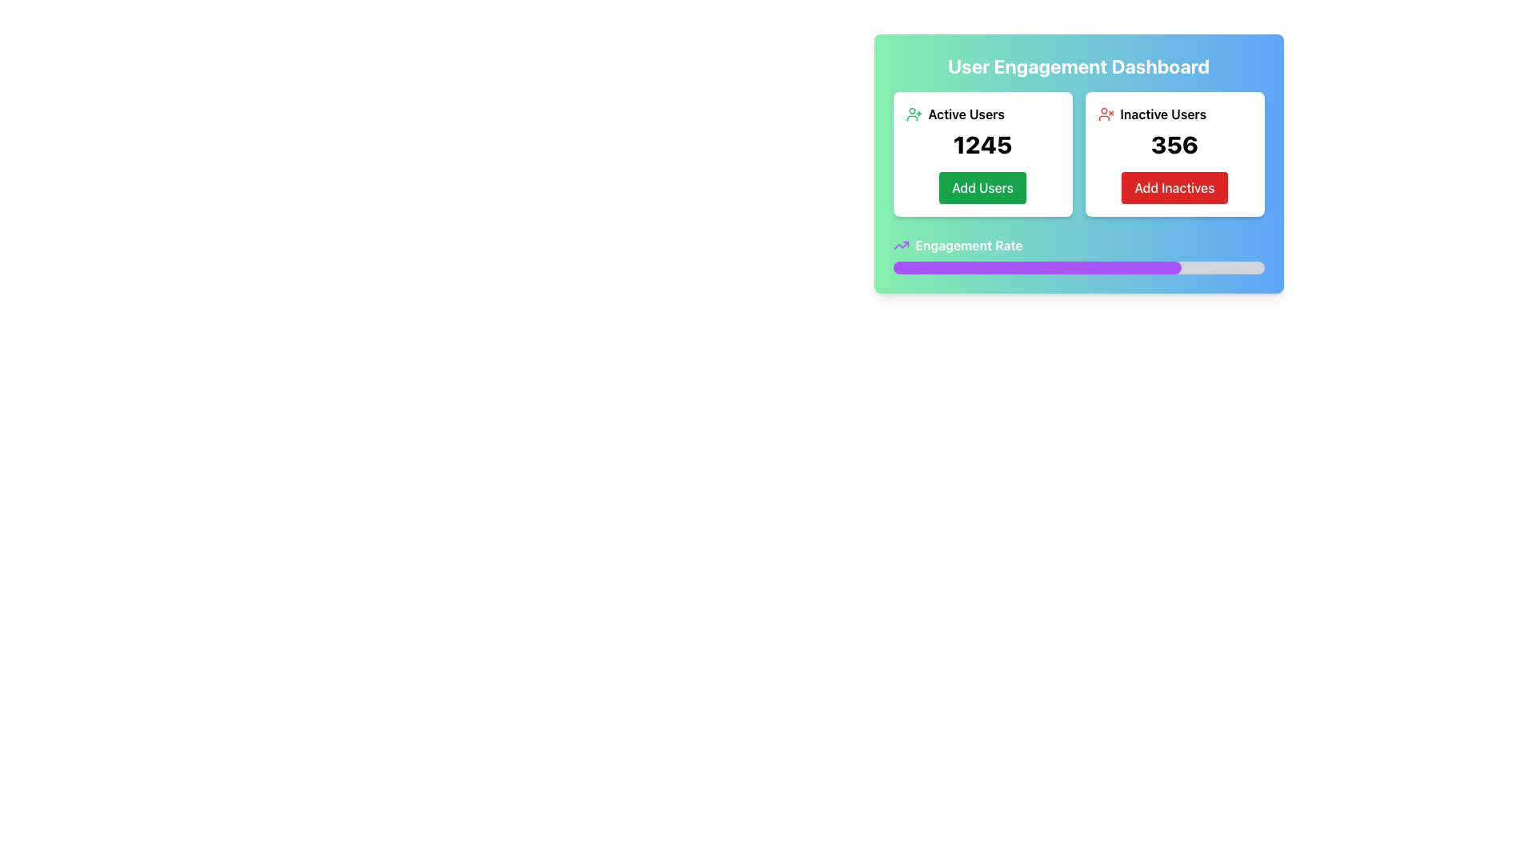 This screenshot has height=864, width=1536. What do you see at coordinates (982, 154) in the screenshot?
I see `the Informative Card with Action Button located in the top-left portion of the two-card grid layout` at bounding box center [982, 154].